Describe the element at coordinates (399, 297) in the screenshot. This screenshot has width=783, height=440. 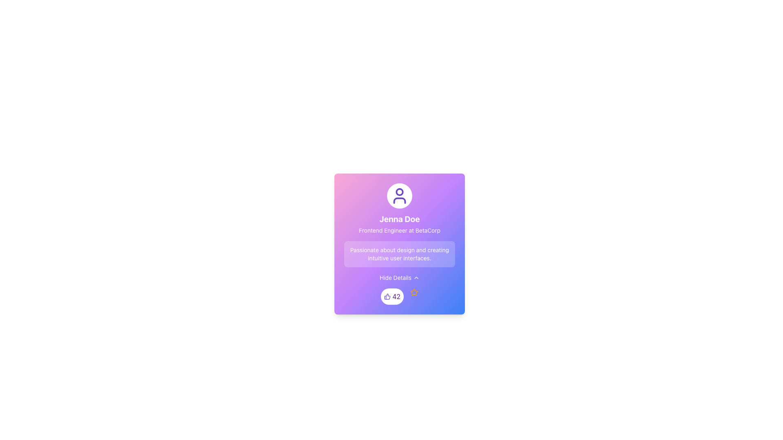
I see `the circular white button with a purple thumbs-up icon and the number '42' next to it` at that location.